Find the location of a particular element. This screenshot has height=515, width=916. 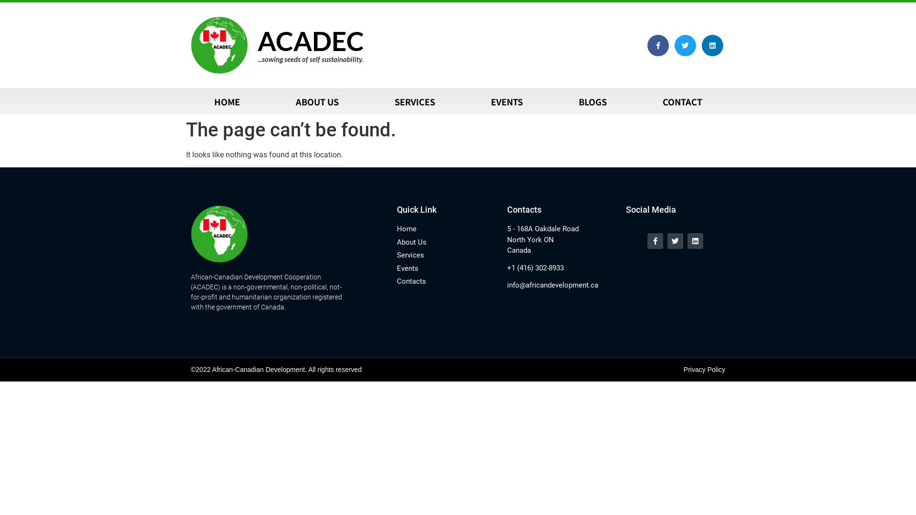

'SERVICES' is located at coordinates (414, 101).